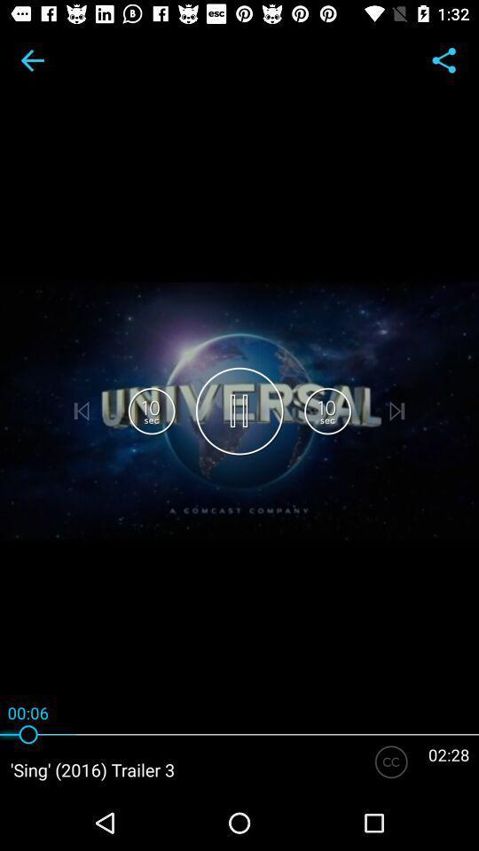 This screenshot has width=479, height=851. What do you see at coordinates (397, 410) in the screenshot?
I see `the skip_next icon` at bounding box center [397, 410].